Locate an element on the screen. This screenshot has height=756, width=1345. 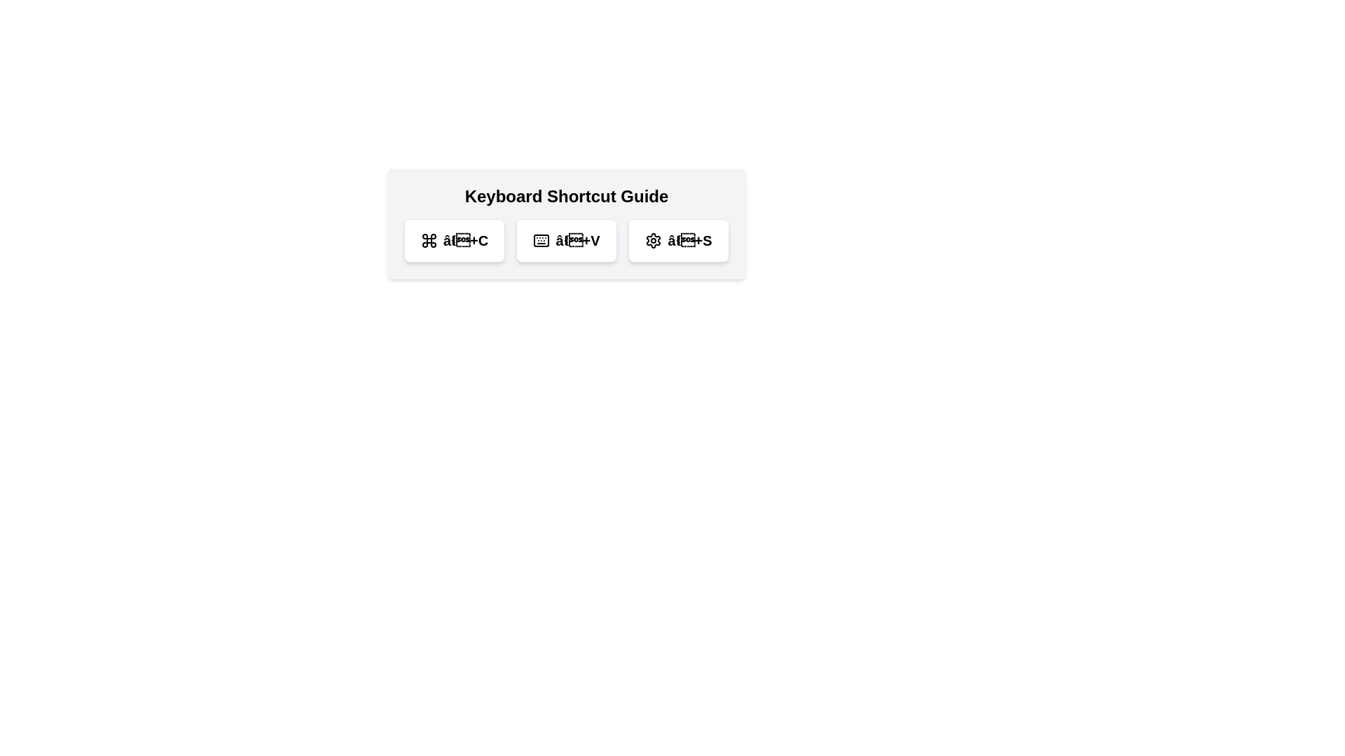
the gear icon located at the center of the modal window labeled 'Keyboard Shortcut Guide' is located at coordinates (653, 239).